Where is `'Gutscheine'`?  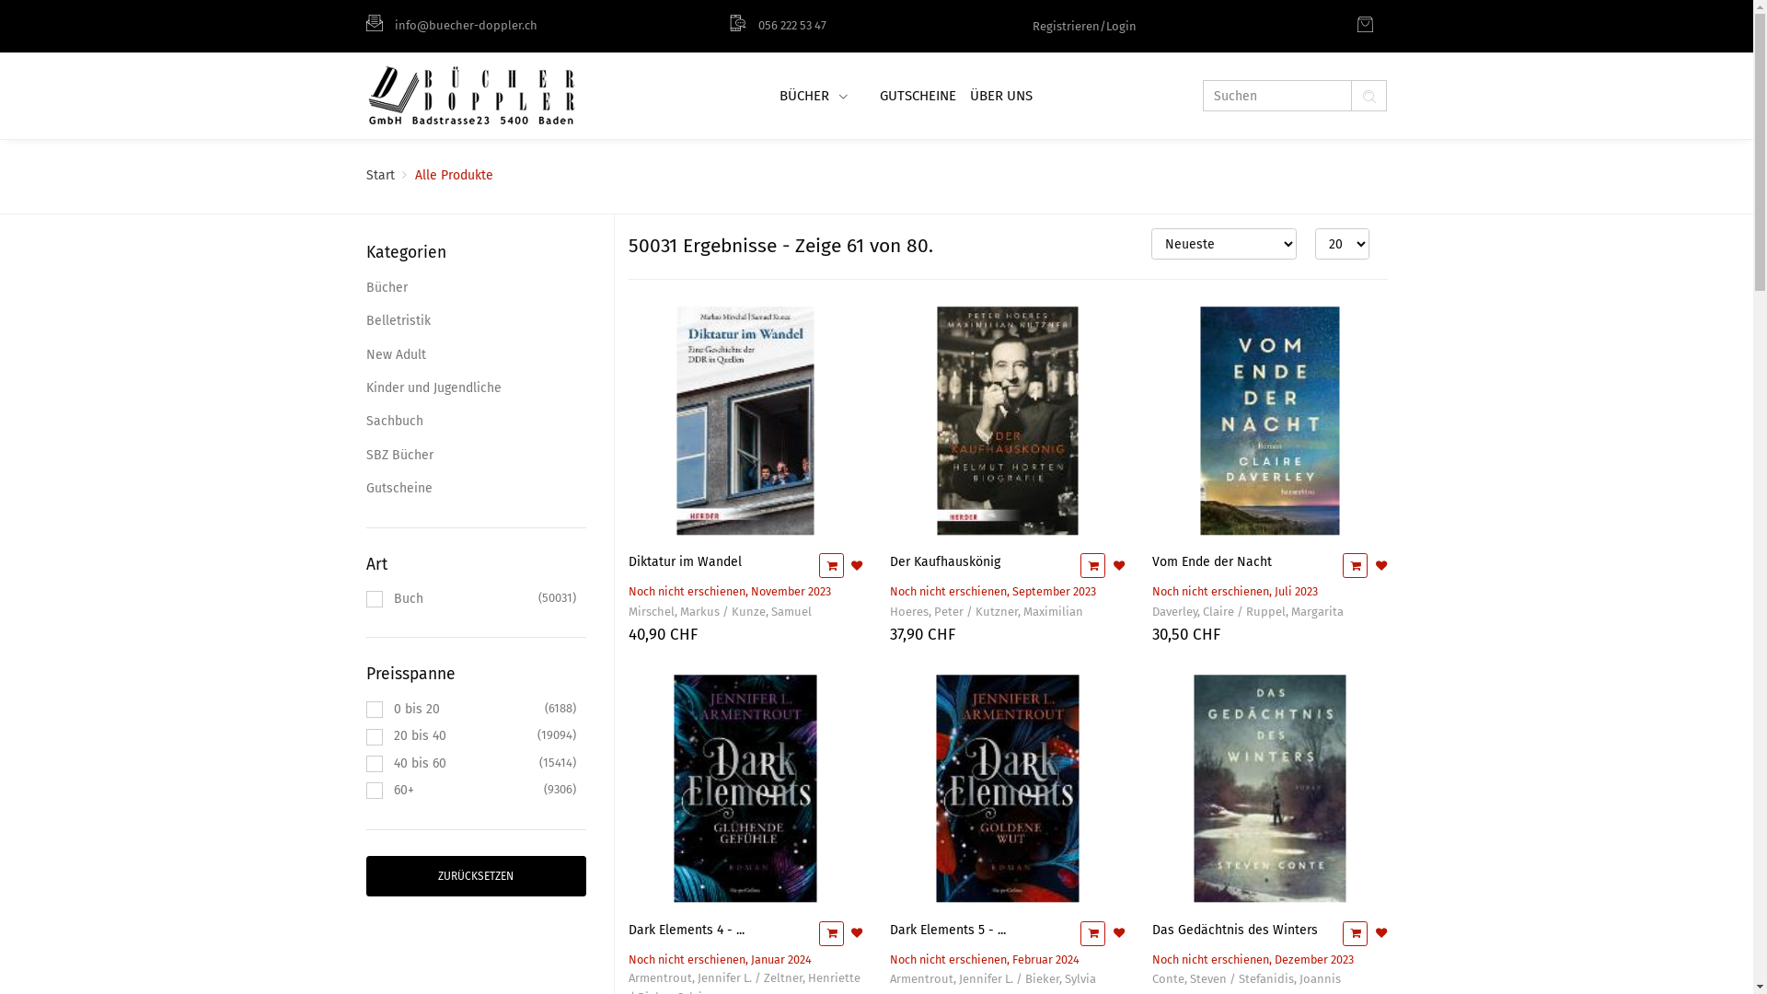
'Gutscheine' is located at coordinates (476, 488).